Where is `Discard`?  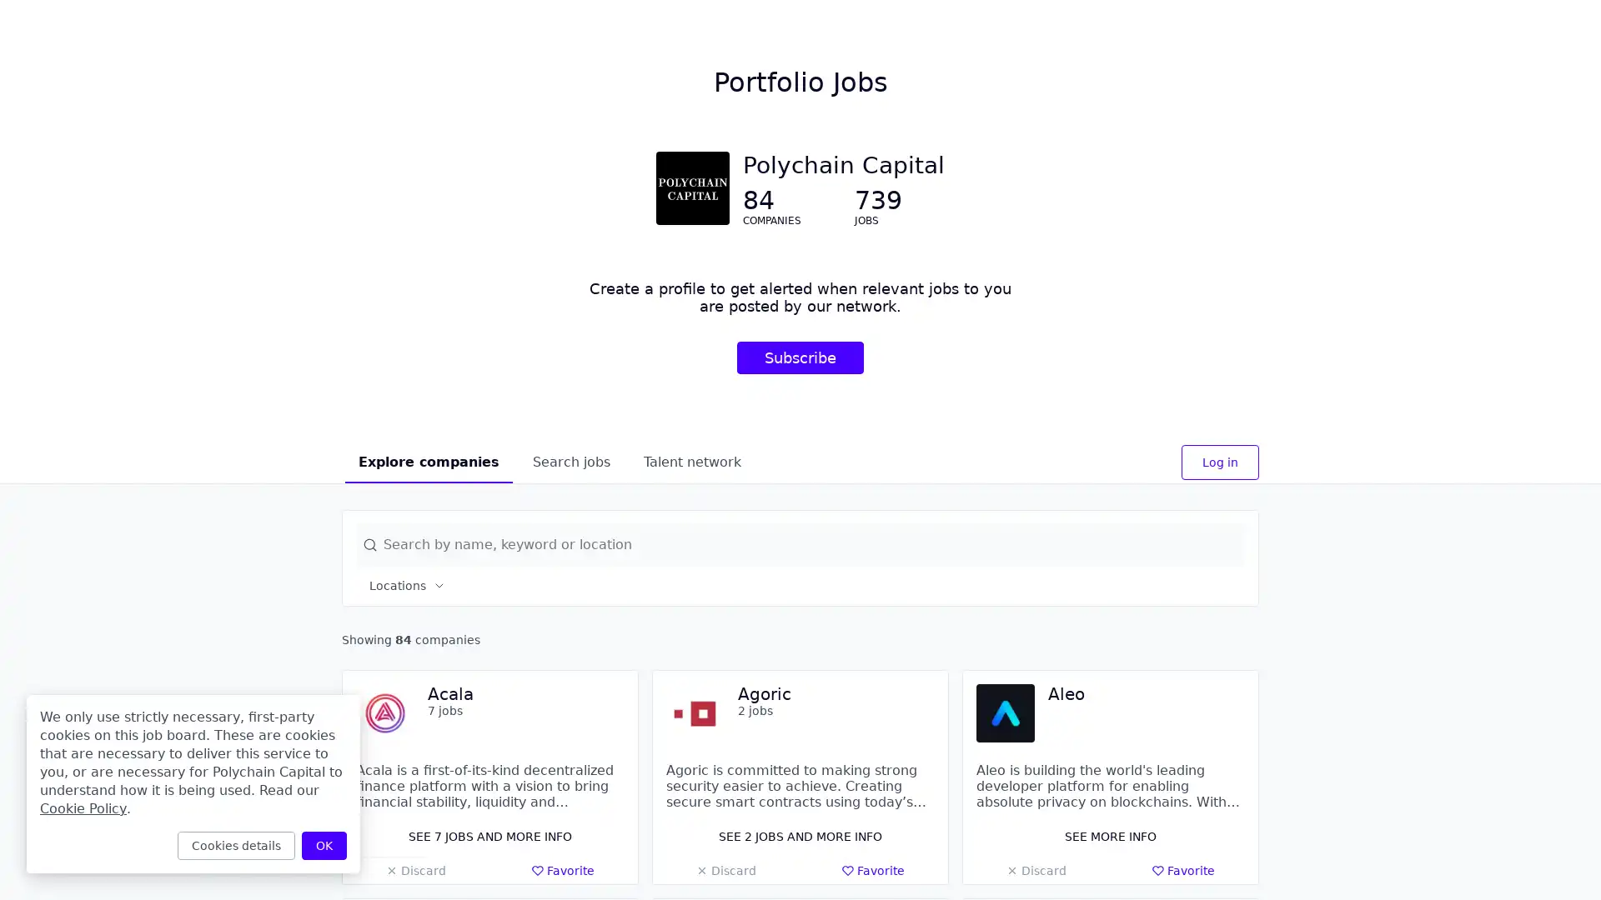 Discard is located at coordinates (725, 870).